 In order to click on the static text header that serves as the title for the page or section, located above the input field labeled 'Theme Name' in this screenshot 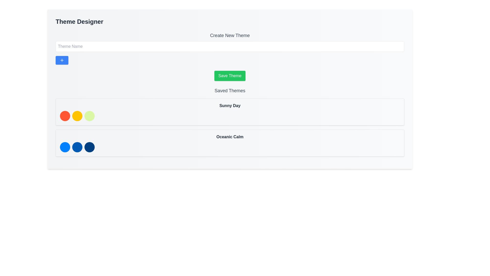, I will do `click(79, 21)`.